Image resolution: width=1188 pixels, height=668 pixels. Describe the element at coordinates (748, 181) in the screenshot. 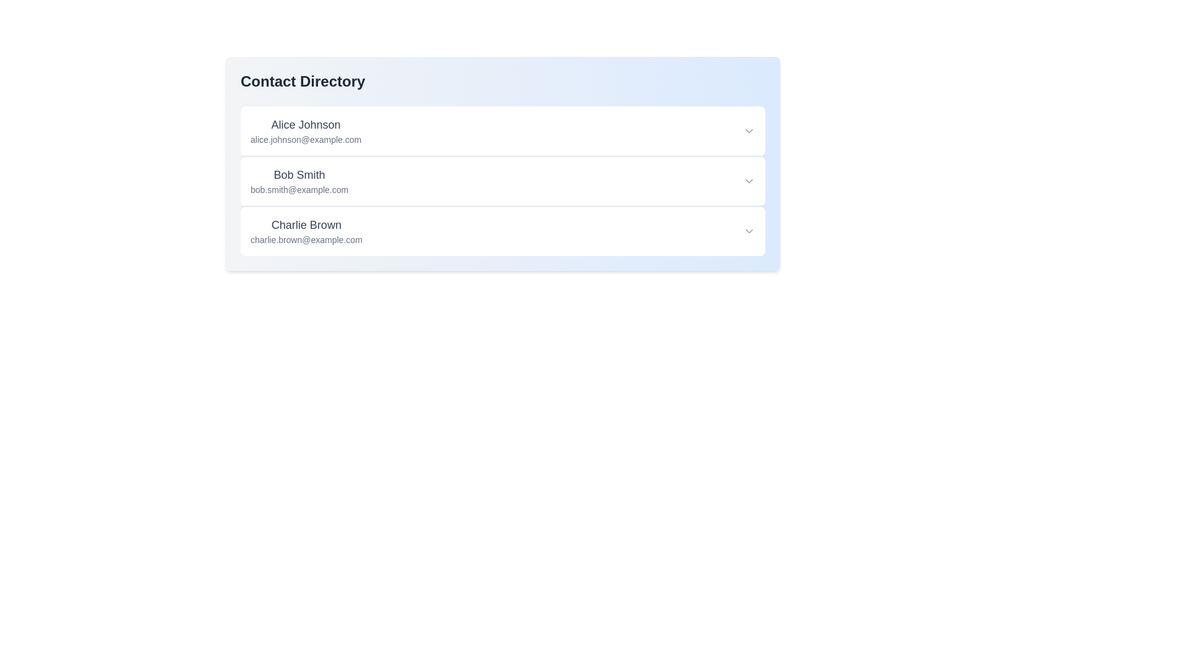

I see `the dropdown toggle button located at the far-right edge of the section containing contact information for 'Bob Smith'` at that location.